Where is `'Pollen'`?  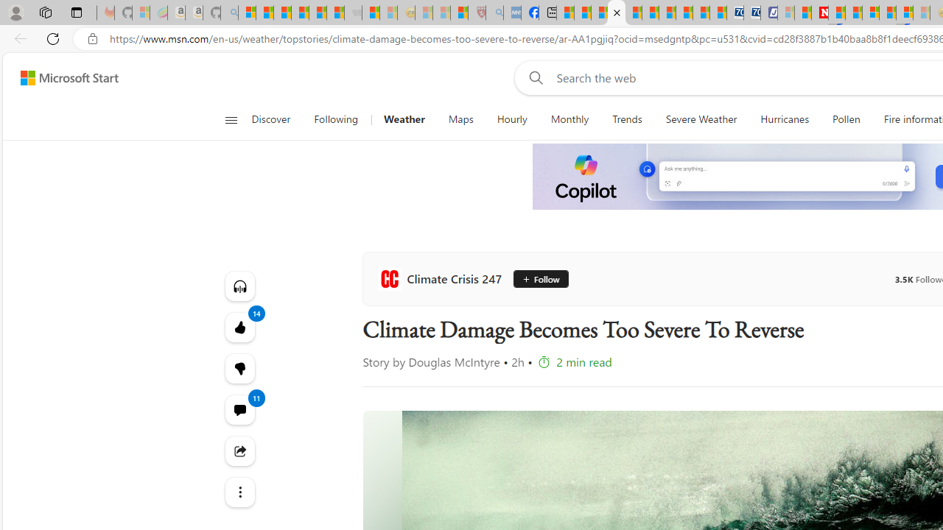 'Pollen' is located at coordinates (846, 119).